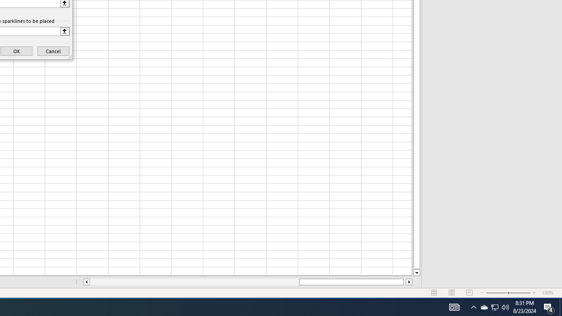 The height and width of the screenshot is (316, 562). I want to click on 'Zoom In', so click(534, 293).